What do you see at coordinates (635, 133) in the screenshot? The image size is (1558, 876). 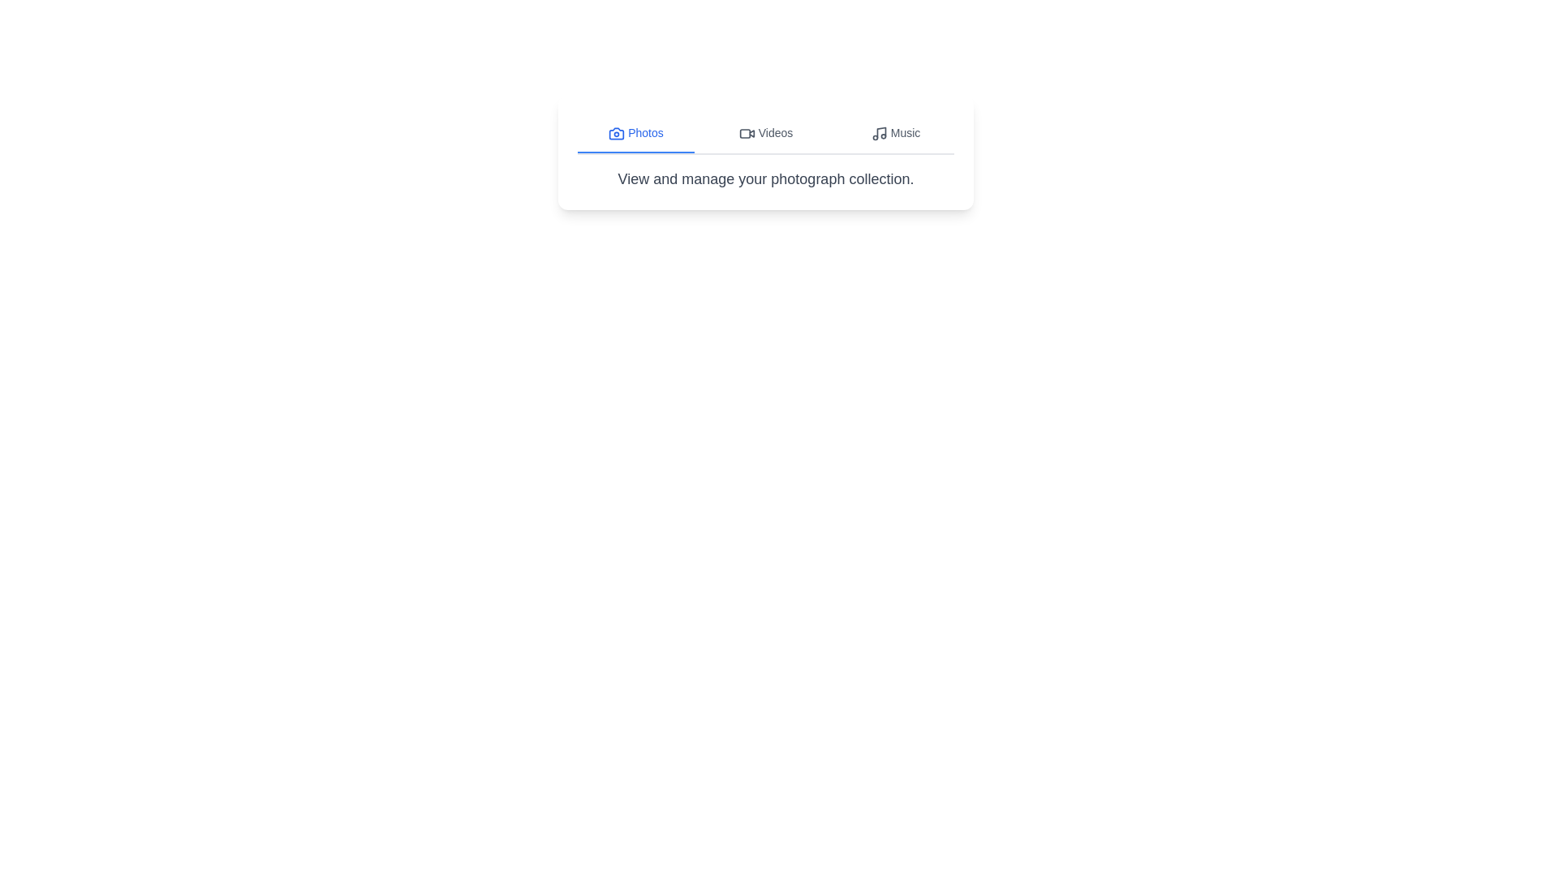 I see `the tab labeled Photos` at bounding box center [635, 133].